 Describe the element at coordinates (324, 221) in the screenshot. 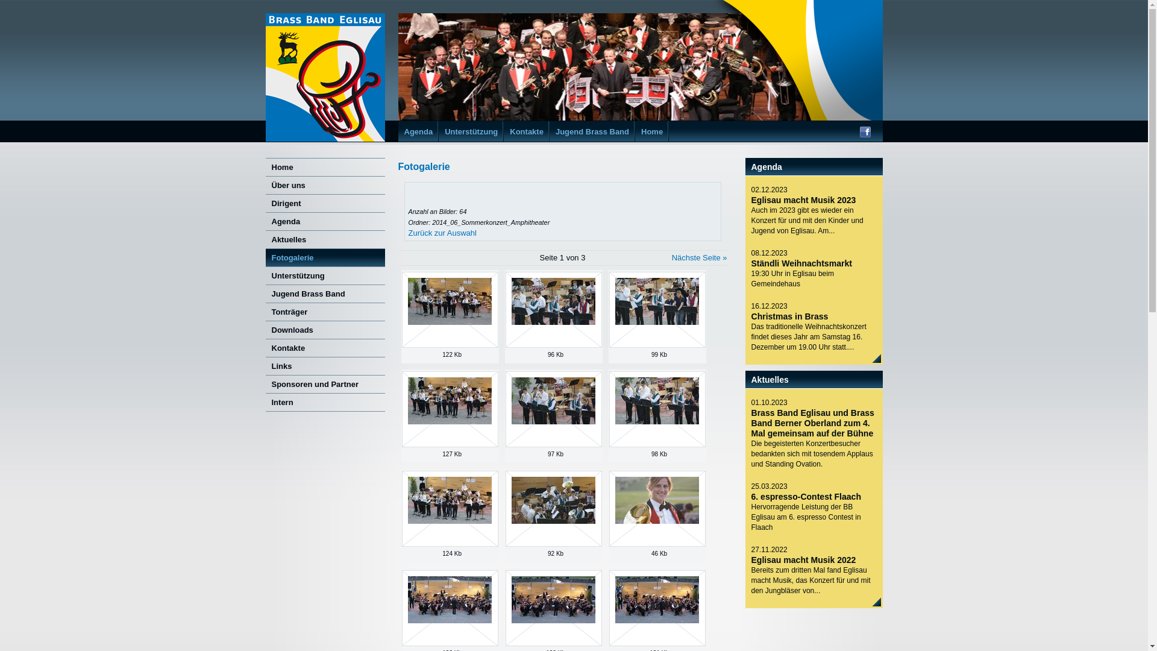

I see `'Agenda'` at that location.